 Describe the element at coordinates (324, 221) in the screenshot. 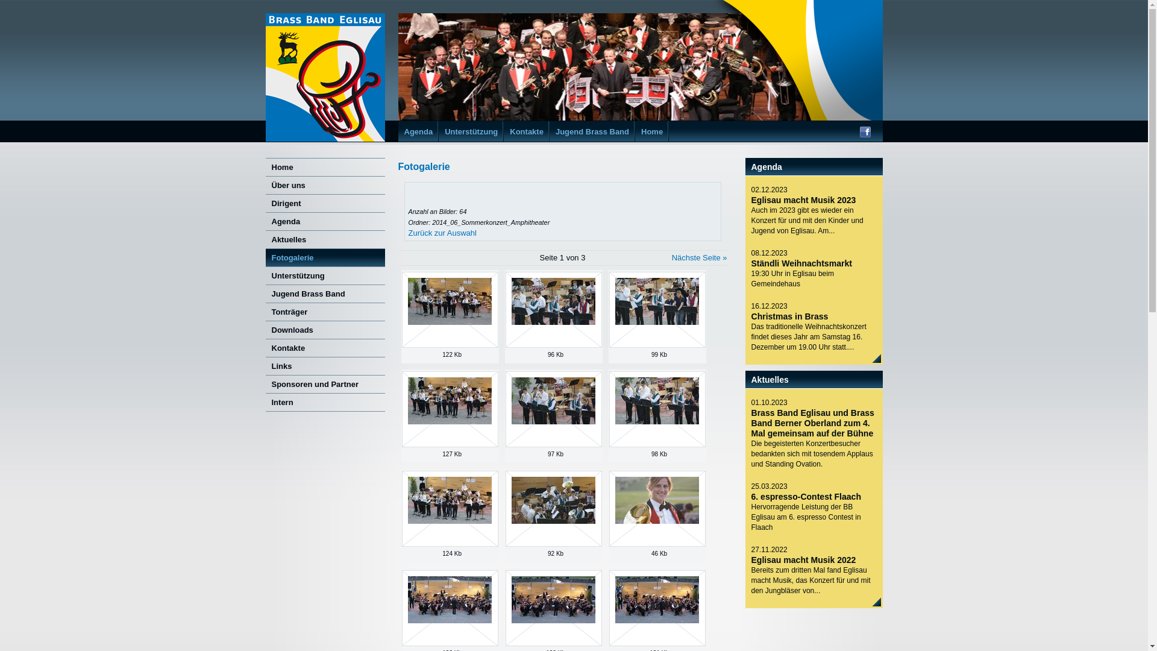

I see `'Agenda'` at that location.